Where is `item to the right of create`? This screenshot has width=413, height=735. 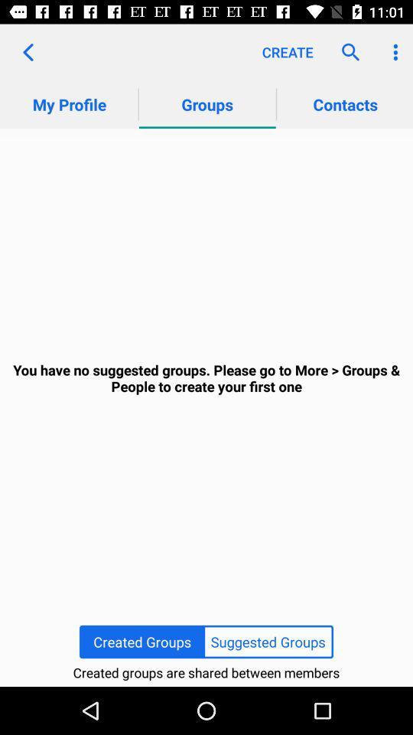 item to the right of create is located at coordinates (346, 52).